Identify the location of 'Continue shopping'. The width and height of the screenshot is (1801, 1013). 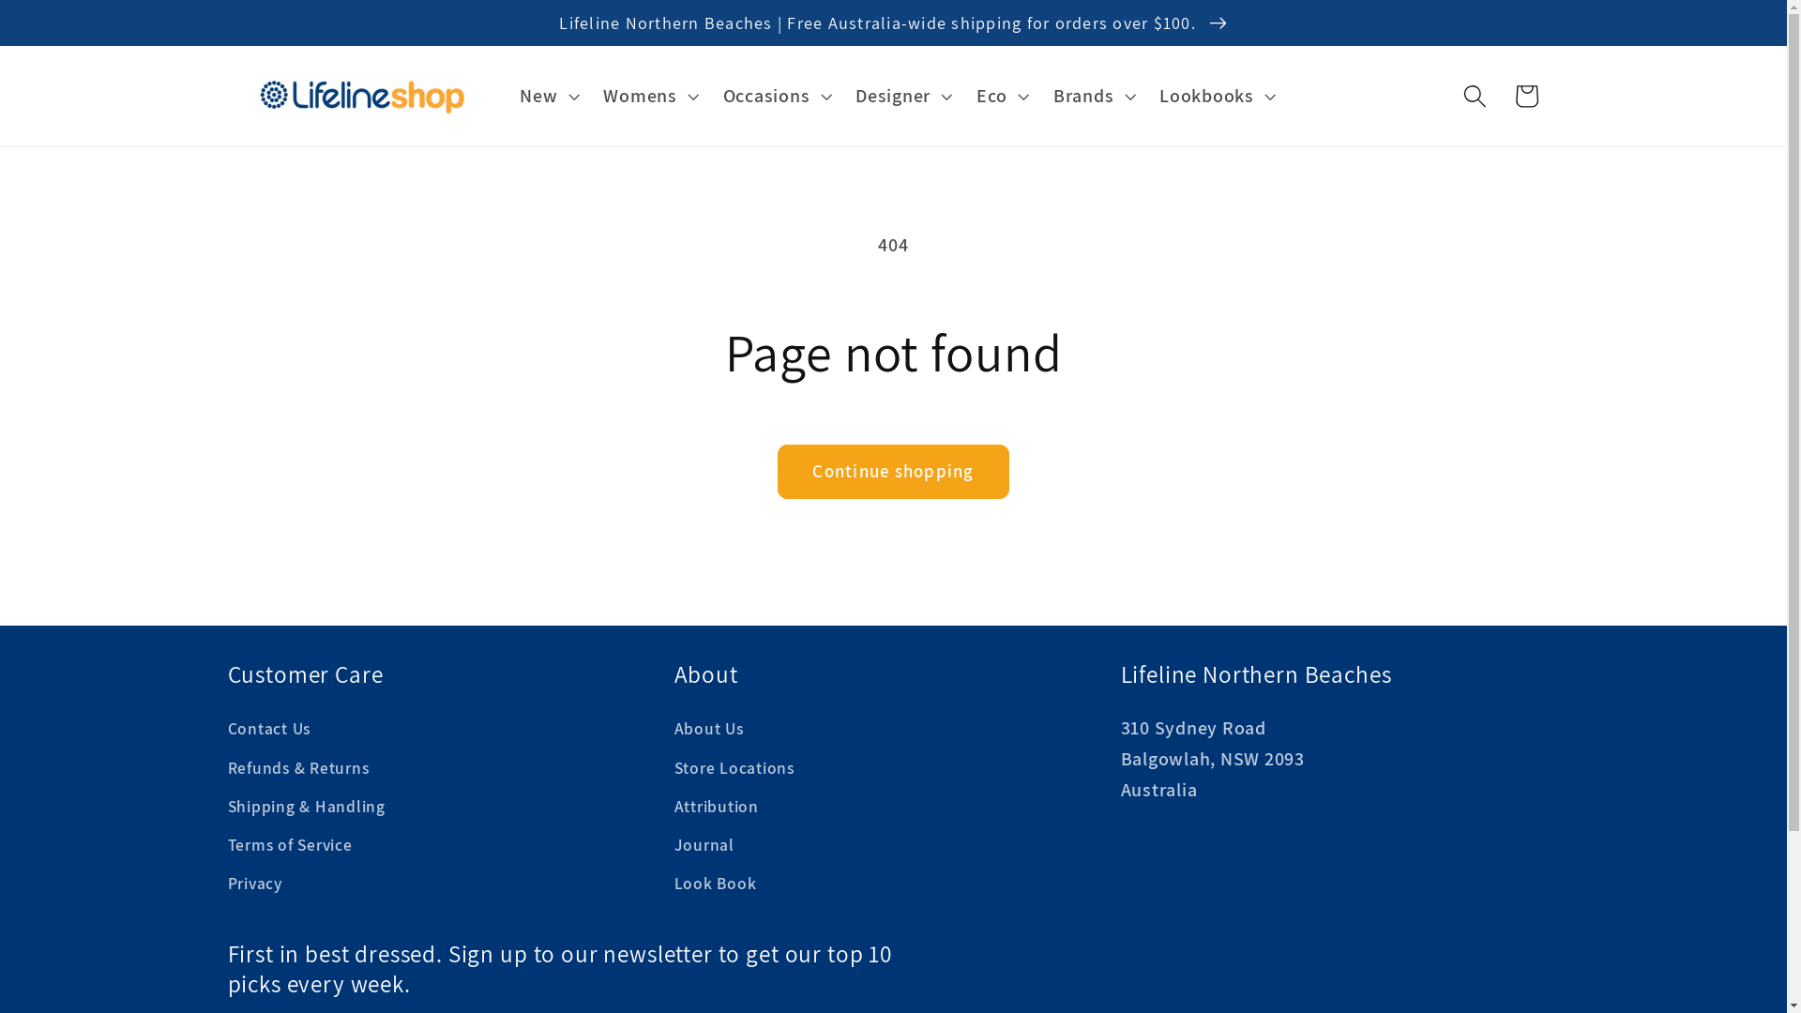
(892, 470).